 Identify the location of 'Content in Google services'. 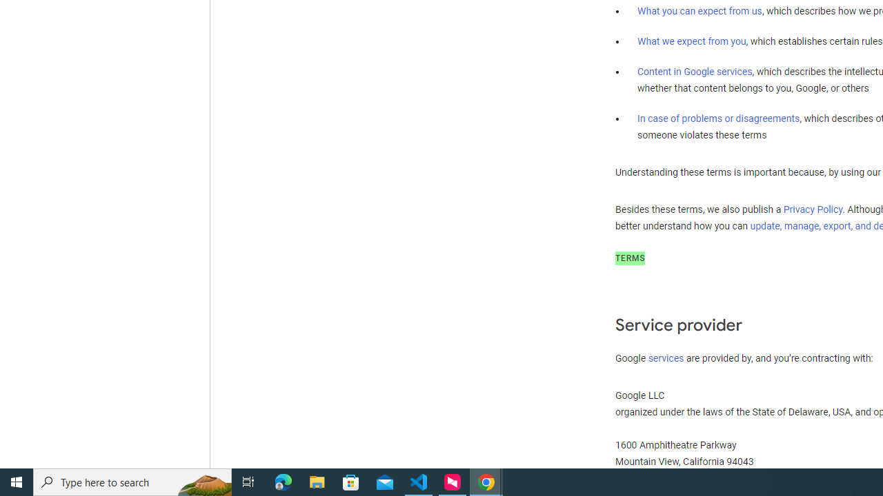
(695, 72).